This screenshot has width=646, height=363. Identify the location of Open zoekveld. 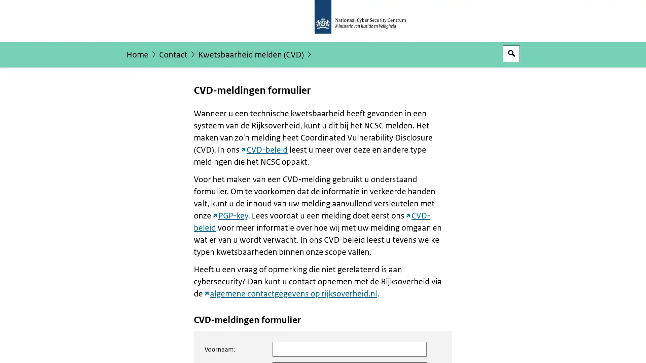
(511, 53).